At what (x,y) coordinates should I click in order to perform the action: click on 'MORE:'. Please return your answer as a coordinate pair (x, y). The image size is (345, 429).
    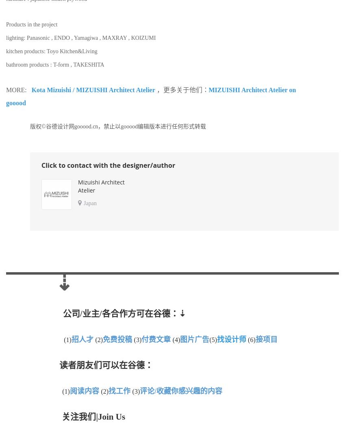
    Looking at the image, I should click on (18, 89).